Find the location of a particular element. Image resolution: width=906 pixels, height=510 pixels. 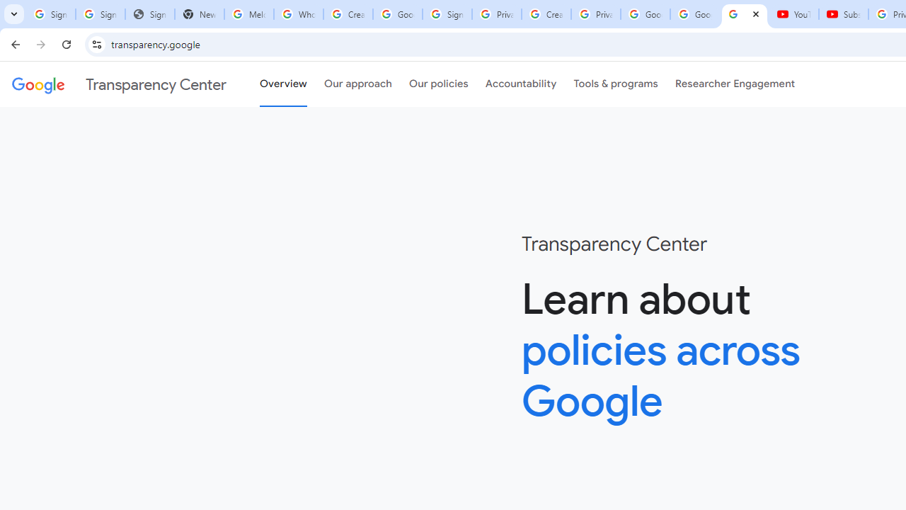

'Transparency Center' is located at coordinates (119, 84).